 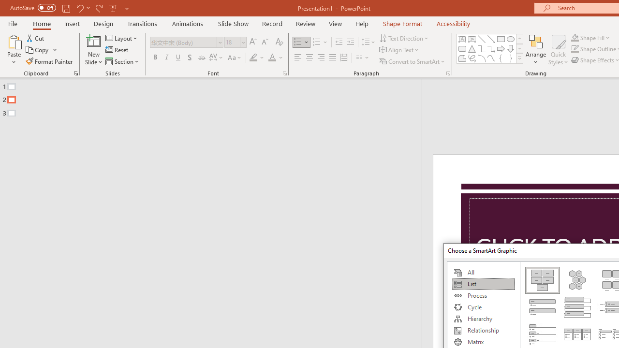 What do you see at coordinates (36, 38) in the screenshot?
I see `'Cut'` at bounding box center [36, 38].